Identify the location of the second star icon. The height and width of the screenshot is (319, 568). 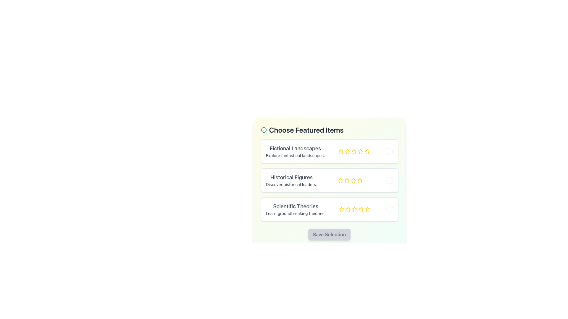
(348, 151).